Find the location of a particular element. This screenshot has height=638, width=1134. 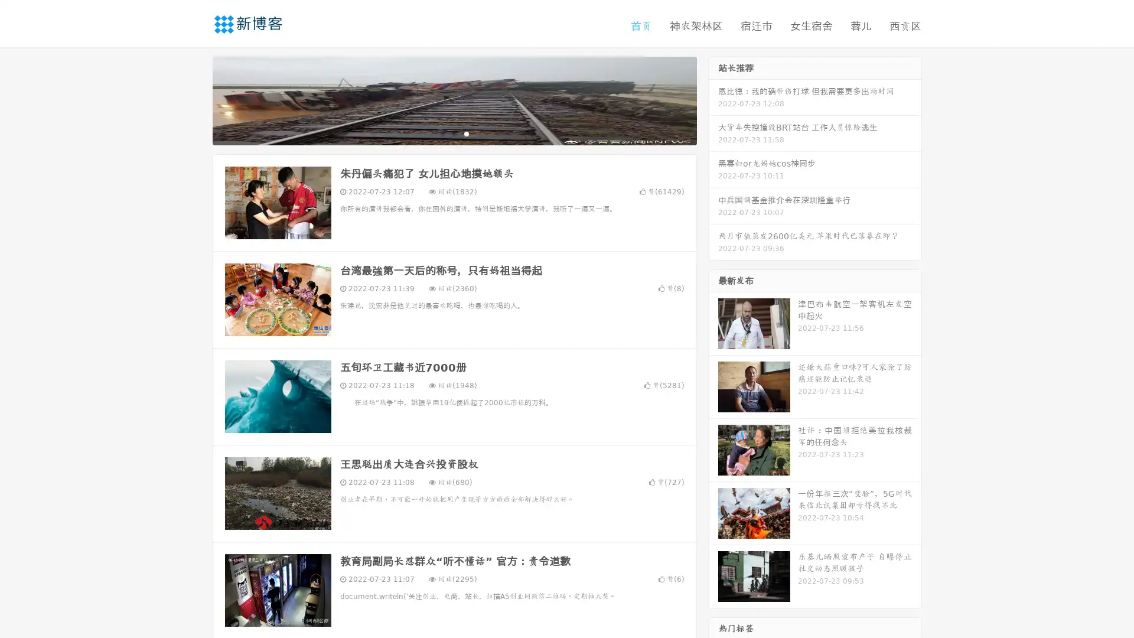

Next slide is located at coordinates (713, 99).